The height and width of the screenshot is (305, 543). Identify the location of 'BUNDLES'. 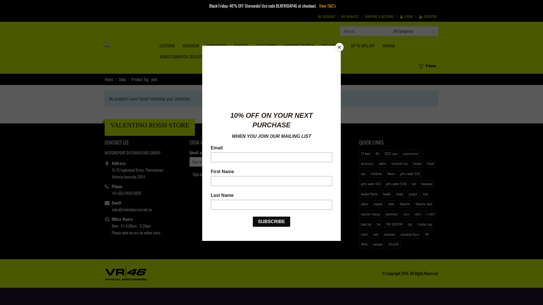
(242, 45).